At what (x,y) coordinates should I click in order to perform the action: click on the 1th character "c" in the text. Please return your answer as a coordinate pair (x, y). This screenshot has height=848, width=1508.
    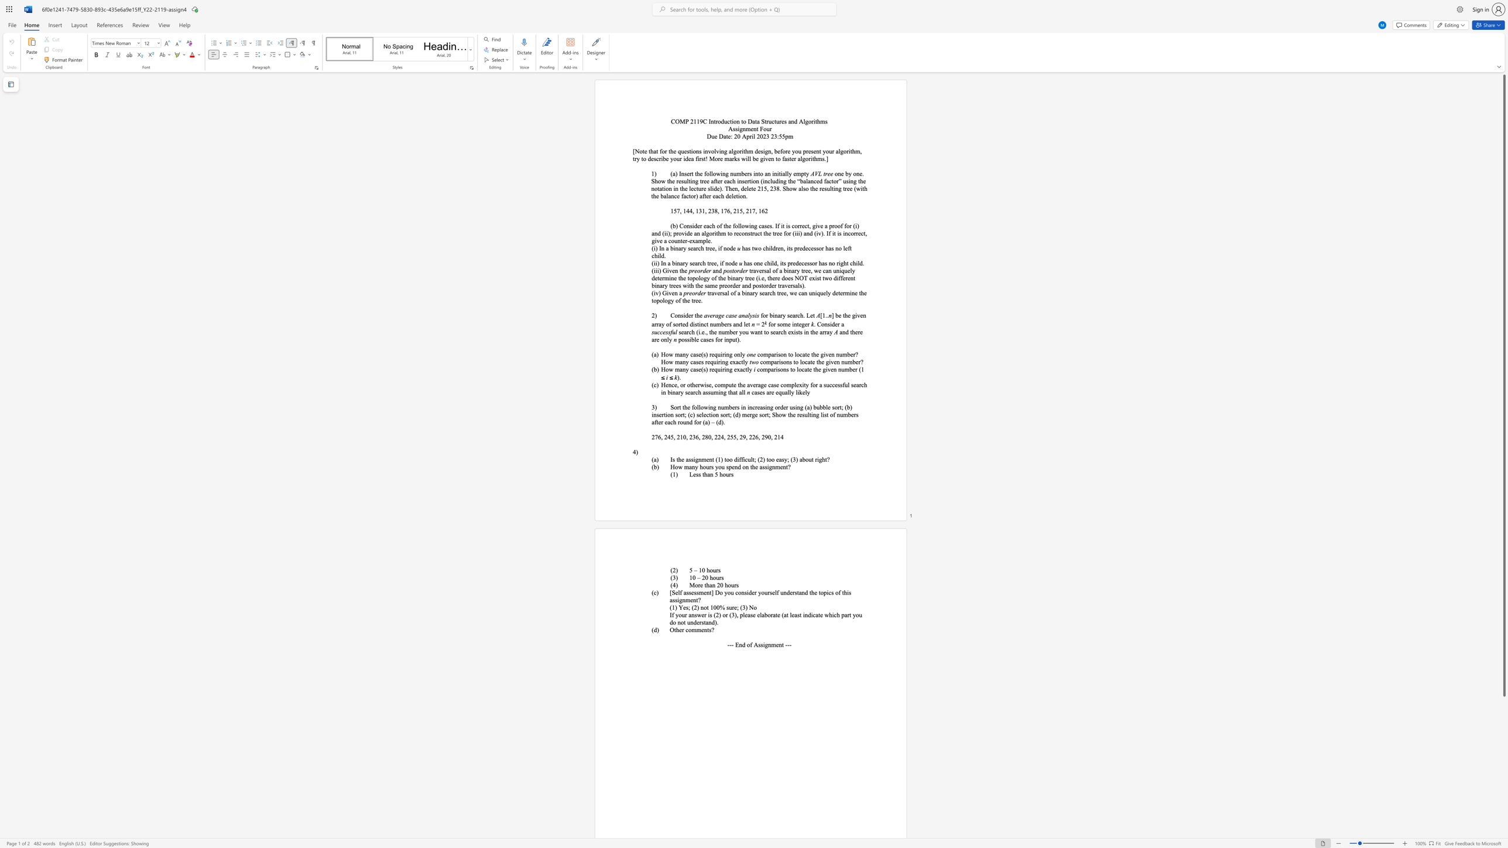
    Looking at the image, I should click on (765, 263).